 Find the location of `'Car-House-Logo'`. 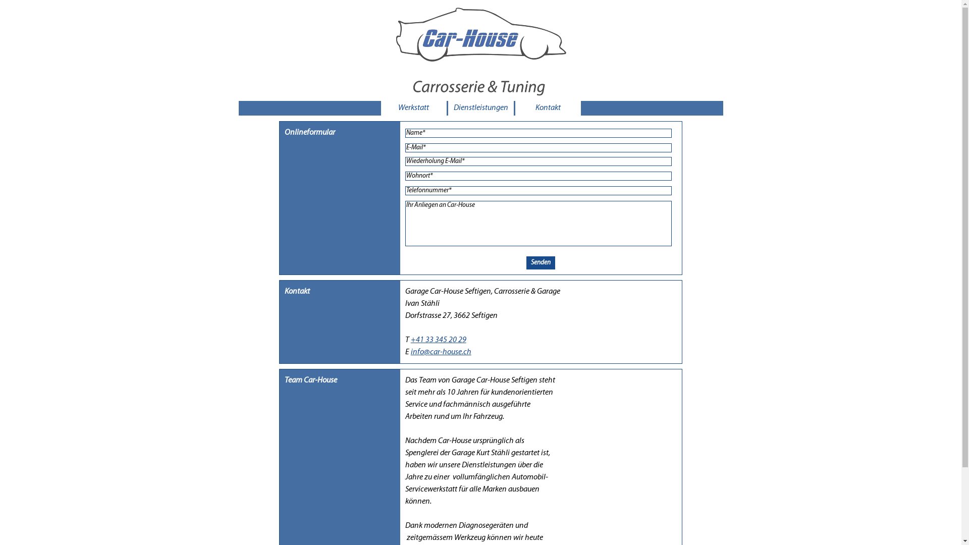

'Car-House-Logo' is located at coordinates (477, 50).